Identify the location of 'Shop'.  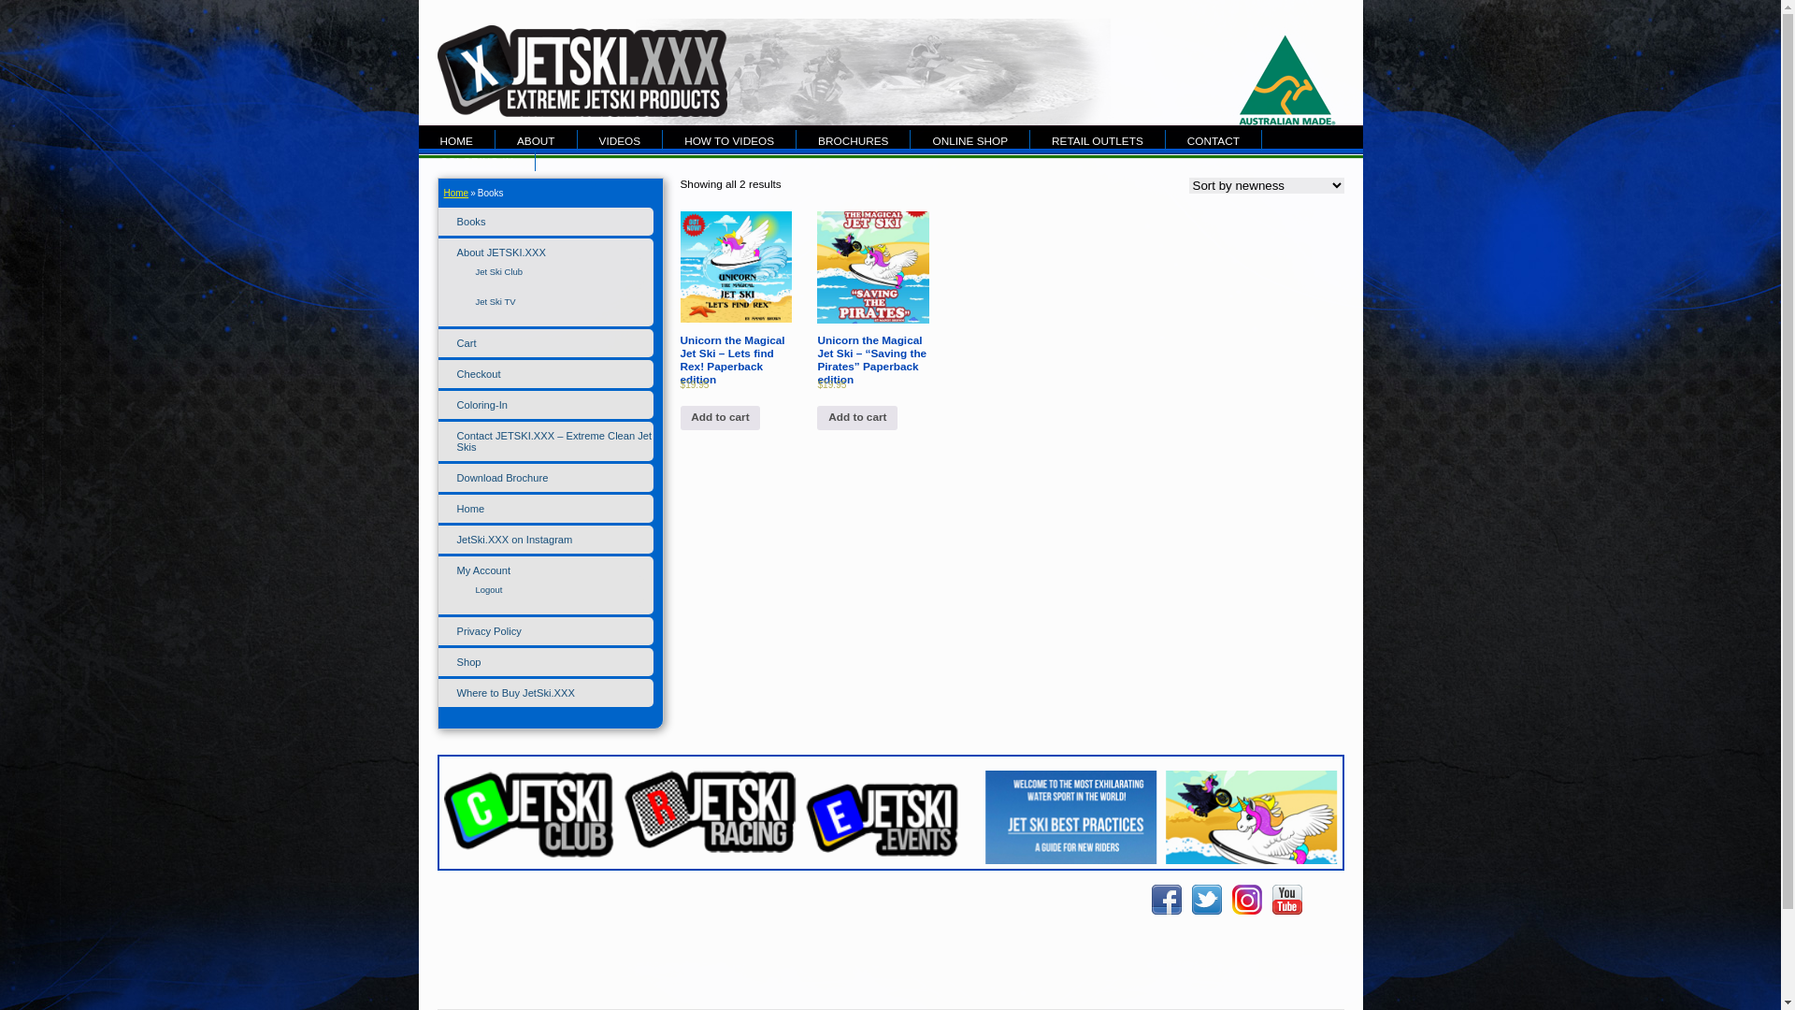
(467, 661).